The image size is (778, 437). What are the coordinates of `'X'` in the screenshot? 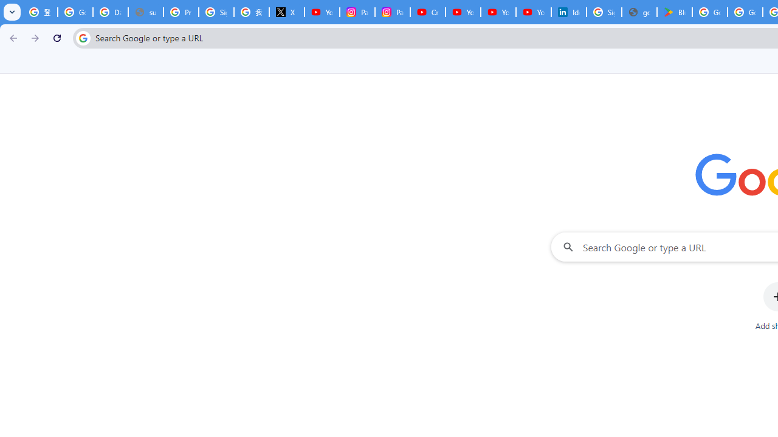 It's located at (286, 12).